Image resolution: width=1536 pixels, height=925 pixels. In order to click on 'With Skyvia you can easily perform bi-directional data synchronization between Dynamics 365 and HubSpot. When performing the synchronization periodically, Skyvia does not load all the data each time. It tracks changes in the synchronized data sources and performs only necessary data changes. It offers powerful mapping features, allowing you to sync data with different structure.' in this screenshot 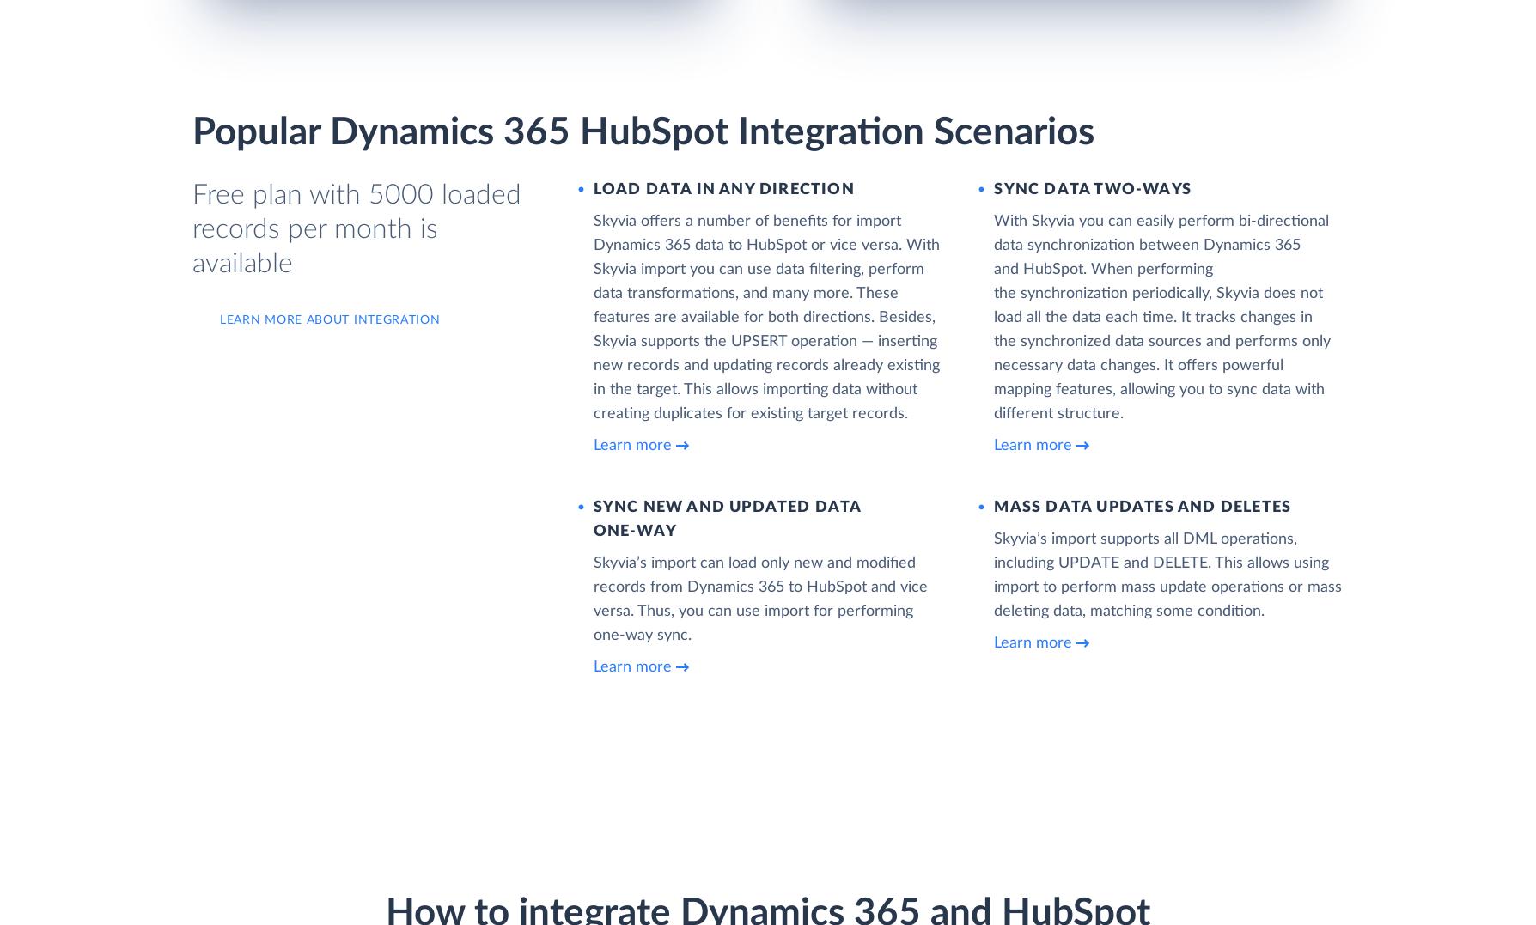, I will do `click(1161, 315)`.